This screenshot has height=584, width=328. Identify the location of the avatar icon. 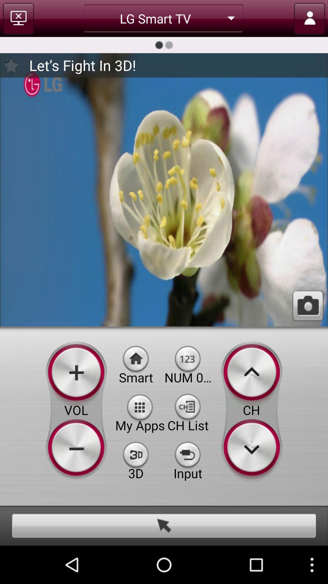
(309, 20).